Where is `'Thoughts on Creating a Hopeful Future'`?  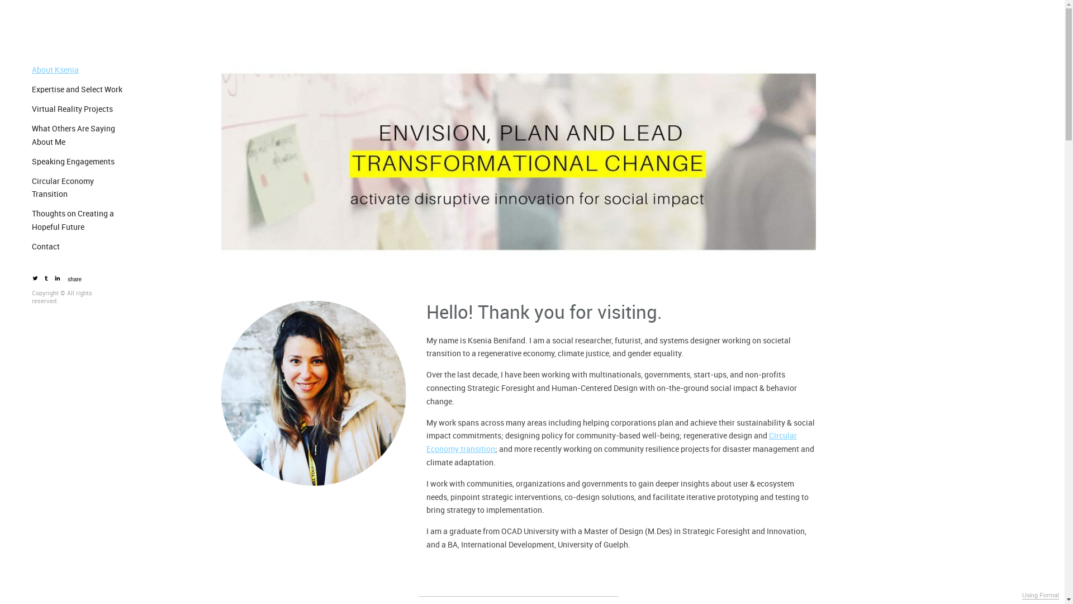
'Thoughts on Creating a Hopeful Future' is located at coordinates (80, 221).